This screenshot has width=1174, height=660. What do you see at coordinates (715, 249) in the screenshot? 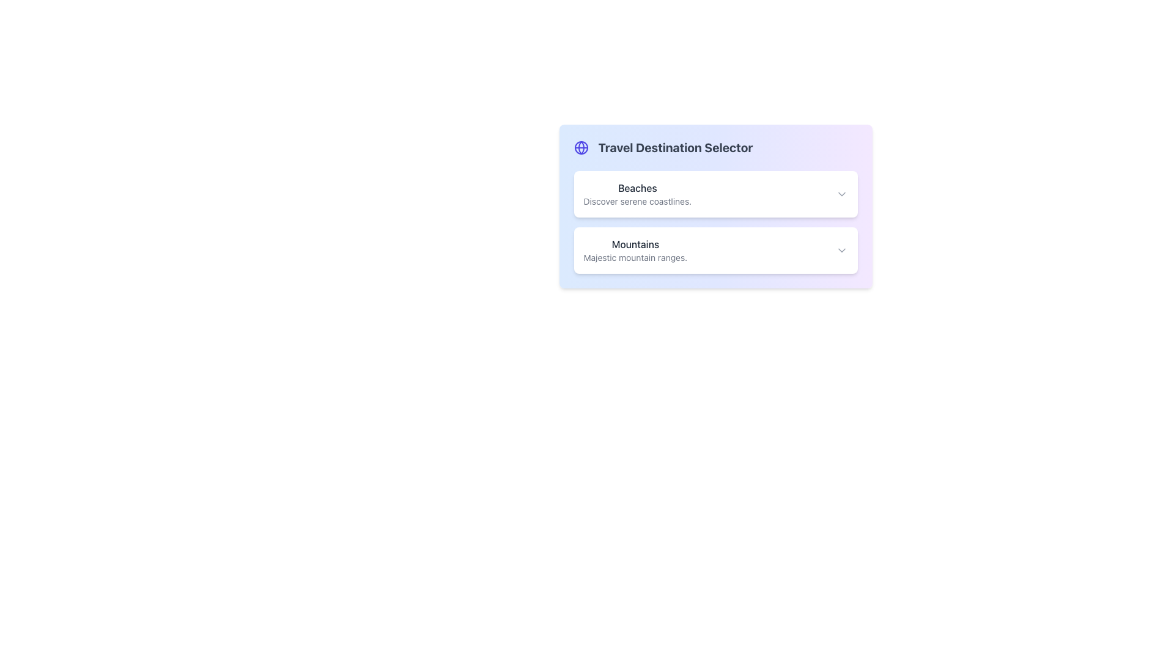
I see `the selectable card for 'Mountains' in the 'Travel Destination Selector'` at bounding box center [715, 249].